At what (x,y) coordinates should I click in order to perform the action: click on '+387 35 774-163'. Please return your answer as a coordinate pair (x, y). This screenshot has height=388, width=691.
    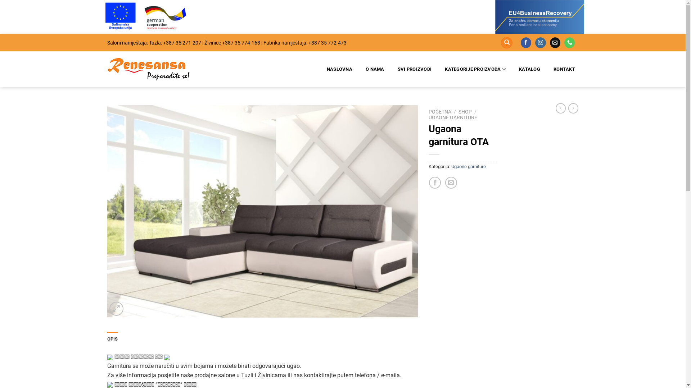
    Looking at the image, I should click on (221, 43).